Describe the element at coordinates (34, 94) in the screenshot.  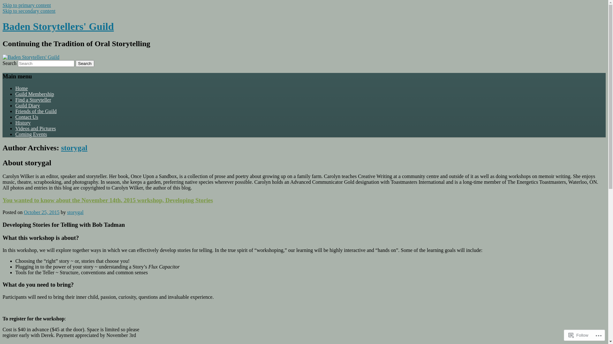
I see `'Guild Membership'` at that location.